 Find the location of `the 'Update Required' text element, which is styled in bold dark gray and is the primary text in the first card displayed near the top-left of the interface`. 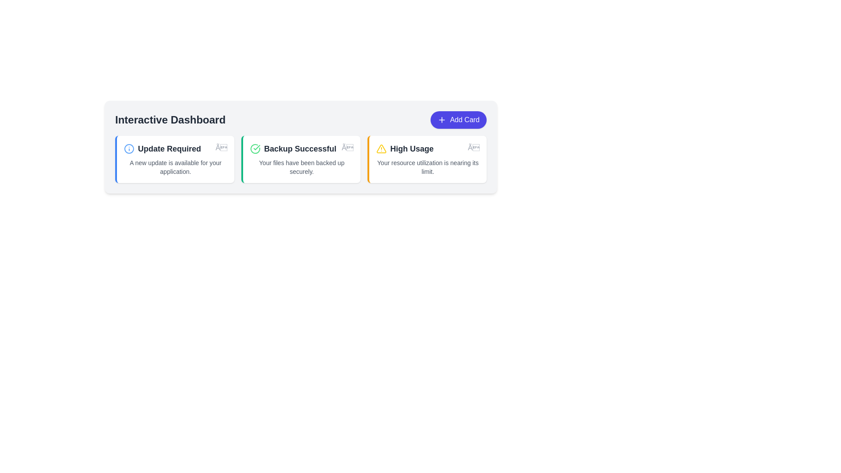

the 'Update Required' text element, which is styled in bold dark gray and is the primary text in the first card displayed near the top-left of the interface is located at coordinates (170, 148).